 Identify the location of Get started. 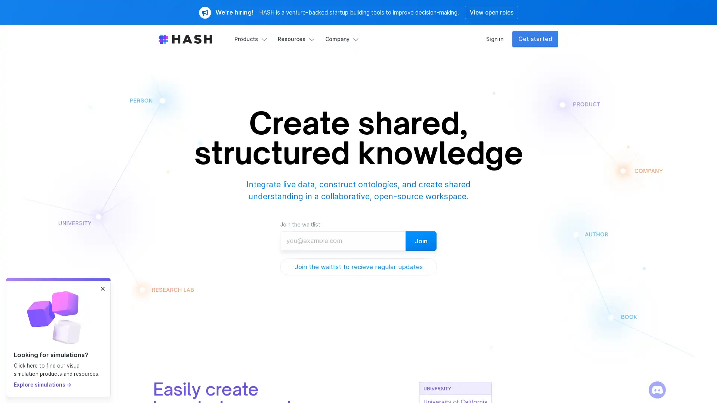
(535, 39).